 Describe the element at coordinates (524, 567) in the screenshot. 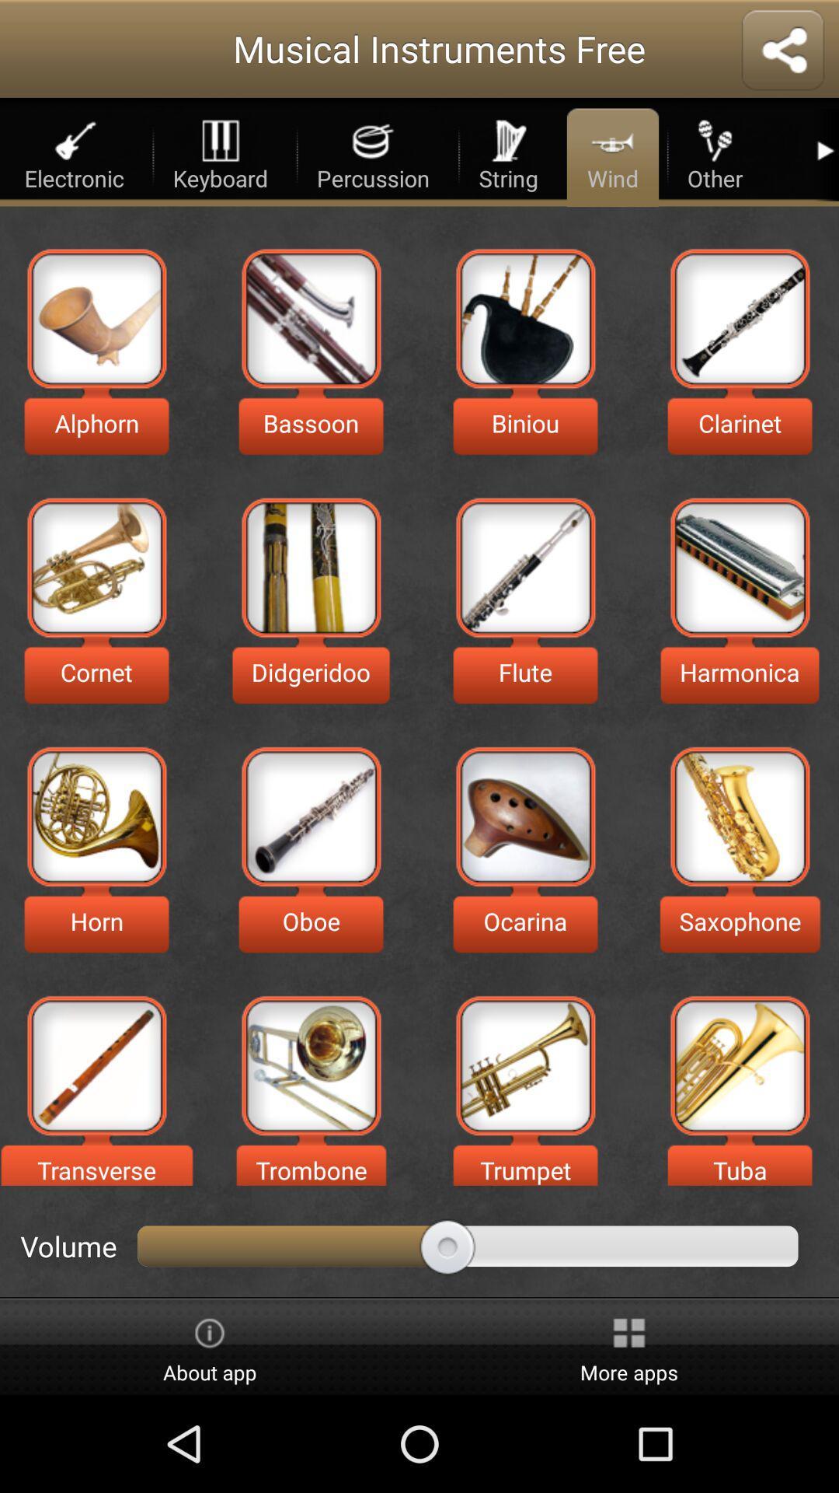

I see `choose the selection` at that location.